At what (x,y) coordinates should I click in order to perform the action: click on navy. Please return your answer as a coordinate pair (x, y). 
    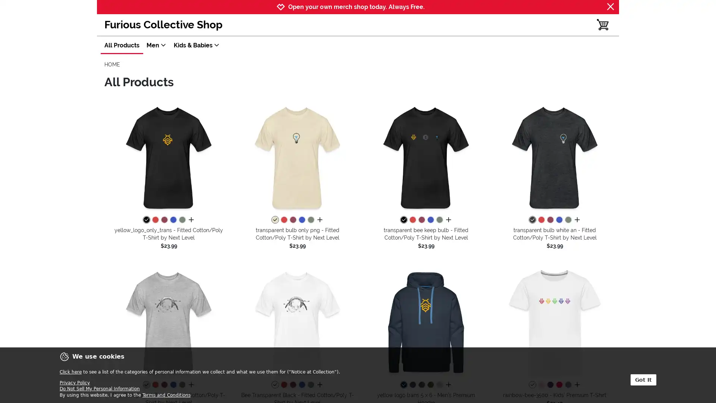
    Looking at the image, I should click on (403, 385).